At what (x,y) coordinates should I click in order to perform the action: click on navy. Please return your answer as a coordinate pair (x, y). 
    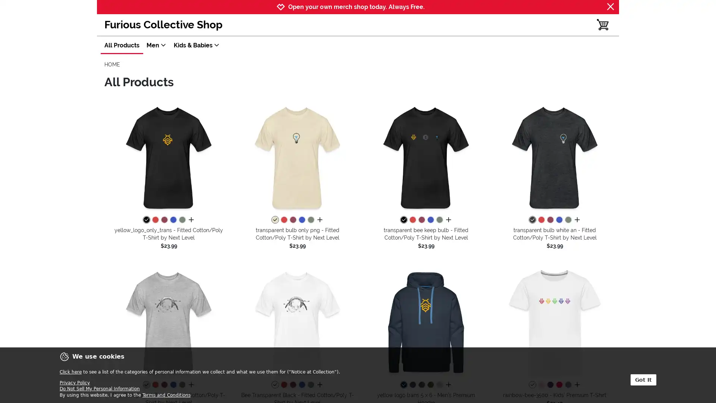
    Looking at the image, I should click on (403, 385).